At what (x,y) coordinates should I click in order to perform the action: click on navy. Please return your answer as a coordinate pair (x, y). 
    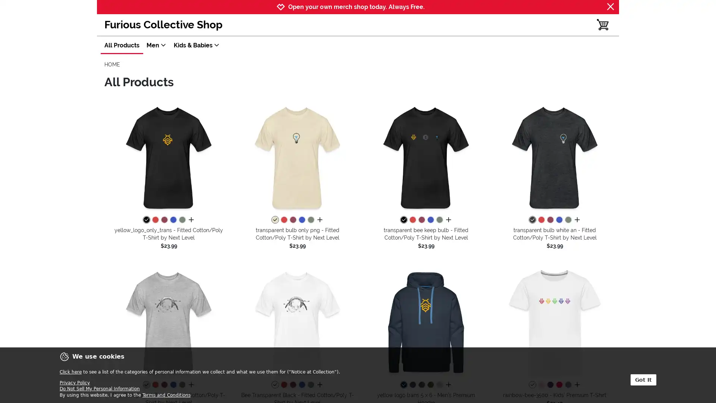
    Looking at the image, I should click on (403, 385).